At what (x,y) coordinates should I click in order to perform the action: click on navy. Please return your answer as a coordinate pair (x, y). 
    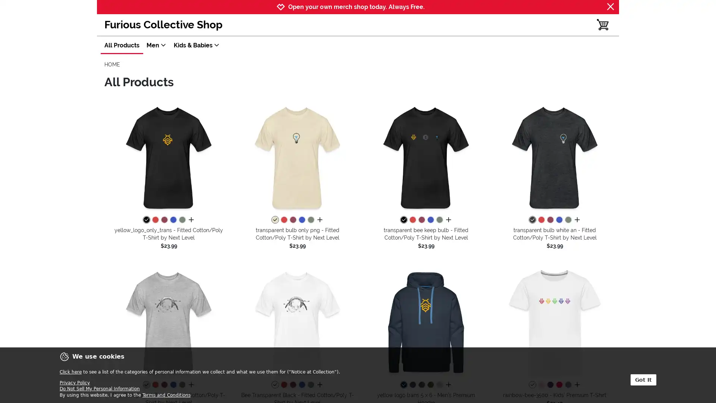
    Looking at the image, I should click on (403, 385).